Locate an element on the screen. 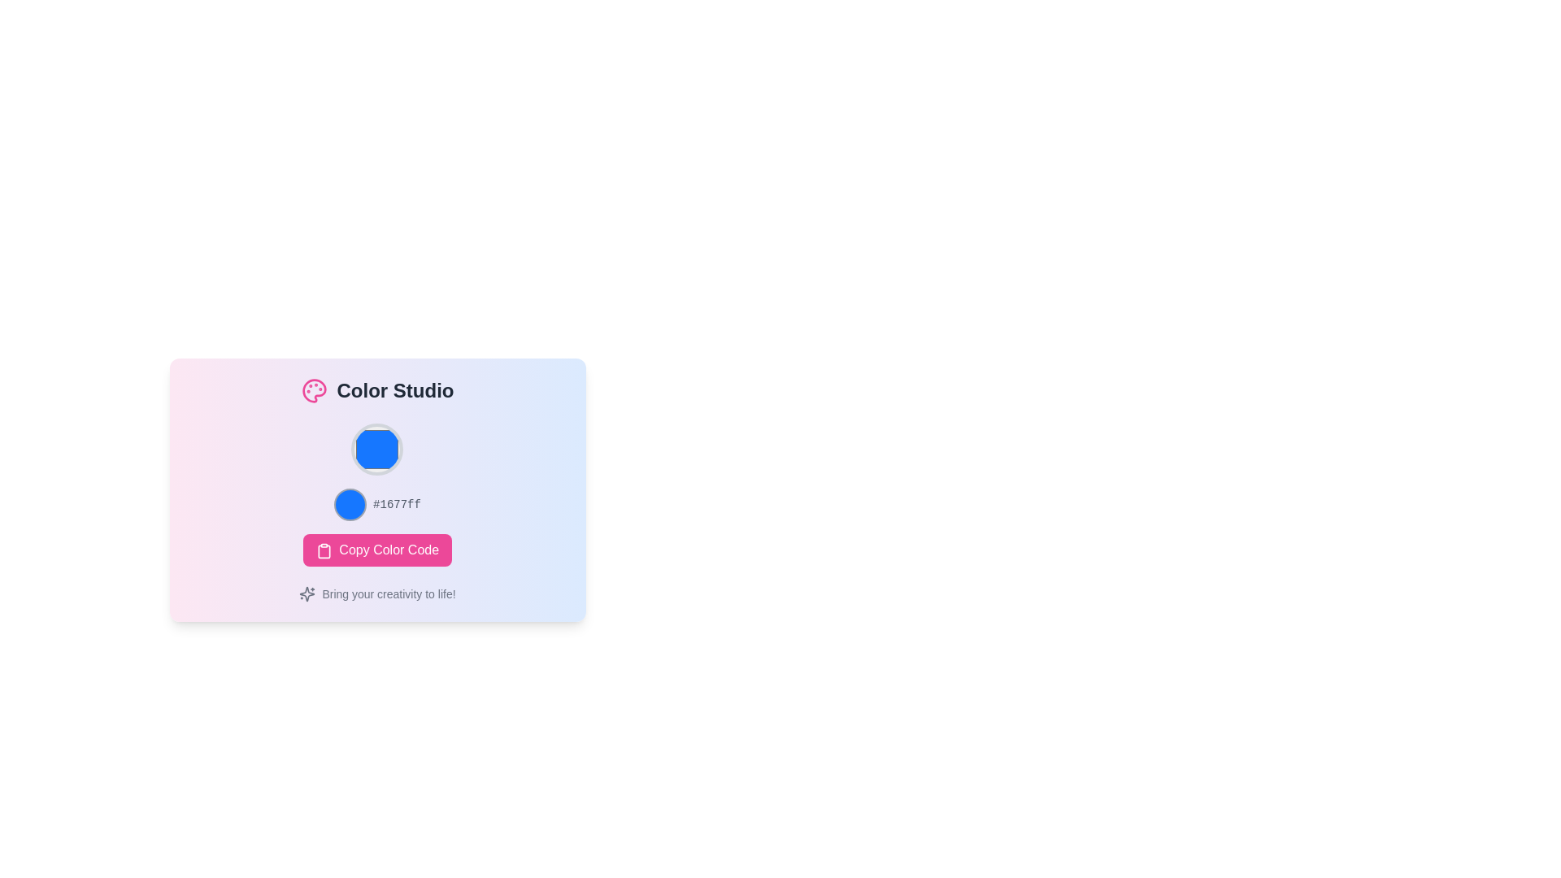 The height and width of the screenshot is (878, 1561). the sparkle icon located to the left of the text 'Bring your creativity to life!' in the 'Color Studio' card is located at coordinates (307, 594).